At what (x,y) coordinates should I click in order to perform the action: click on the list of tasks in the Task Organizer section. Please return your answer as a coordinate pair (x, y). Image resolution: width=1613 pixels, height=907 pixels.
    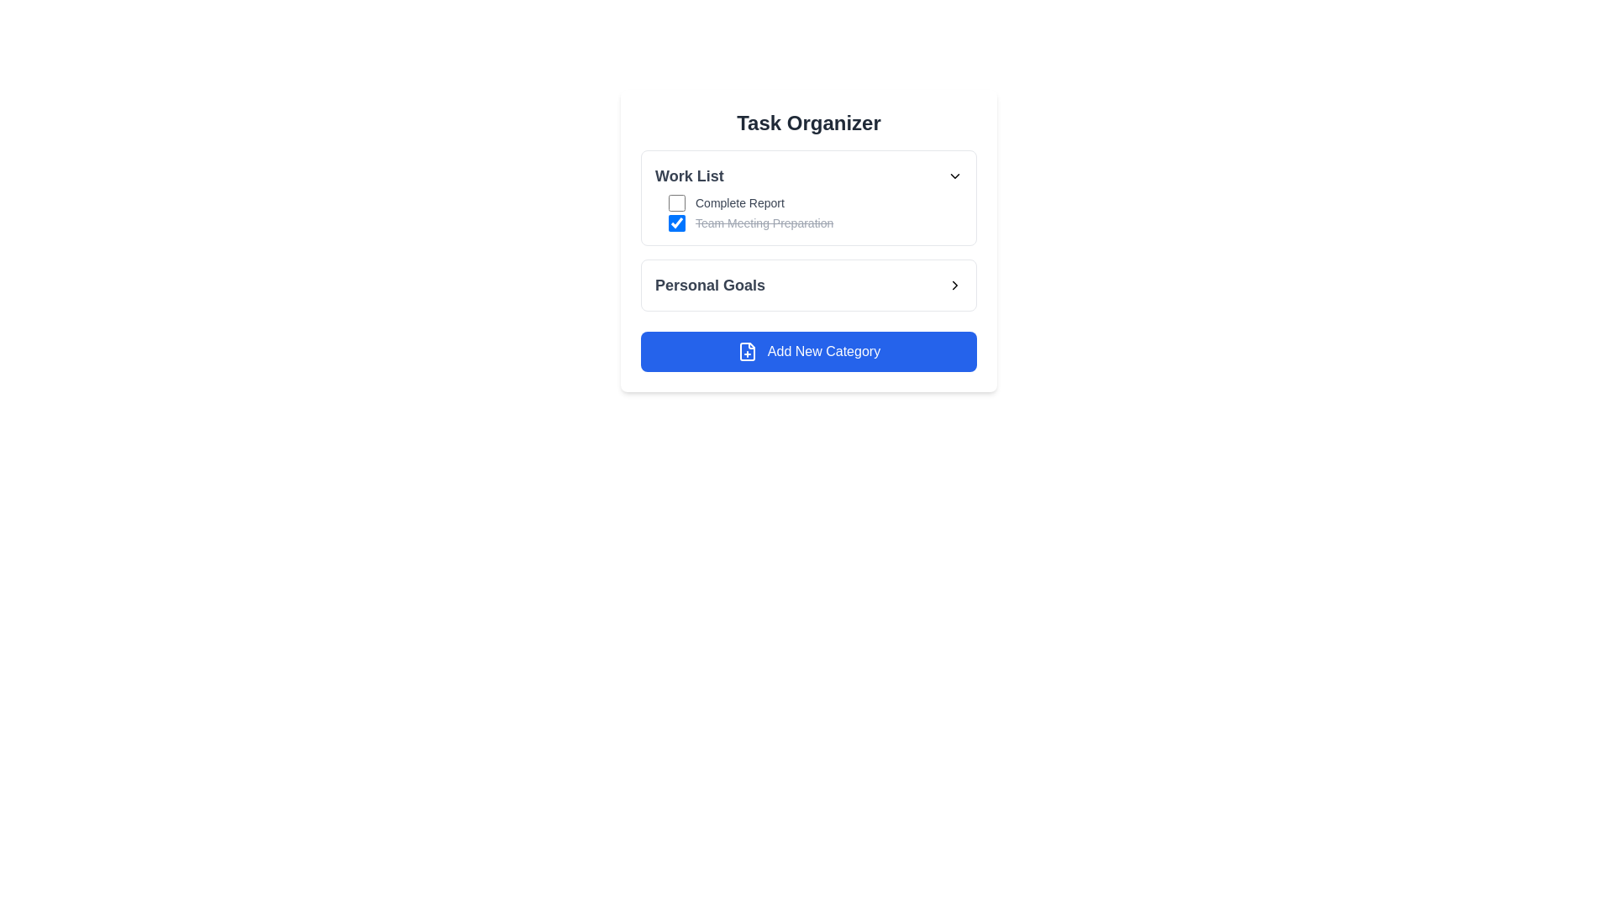
    Looking at the image, I should click on (809, 230).